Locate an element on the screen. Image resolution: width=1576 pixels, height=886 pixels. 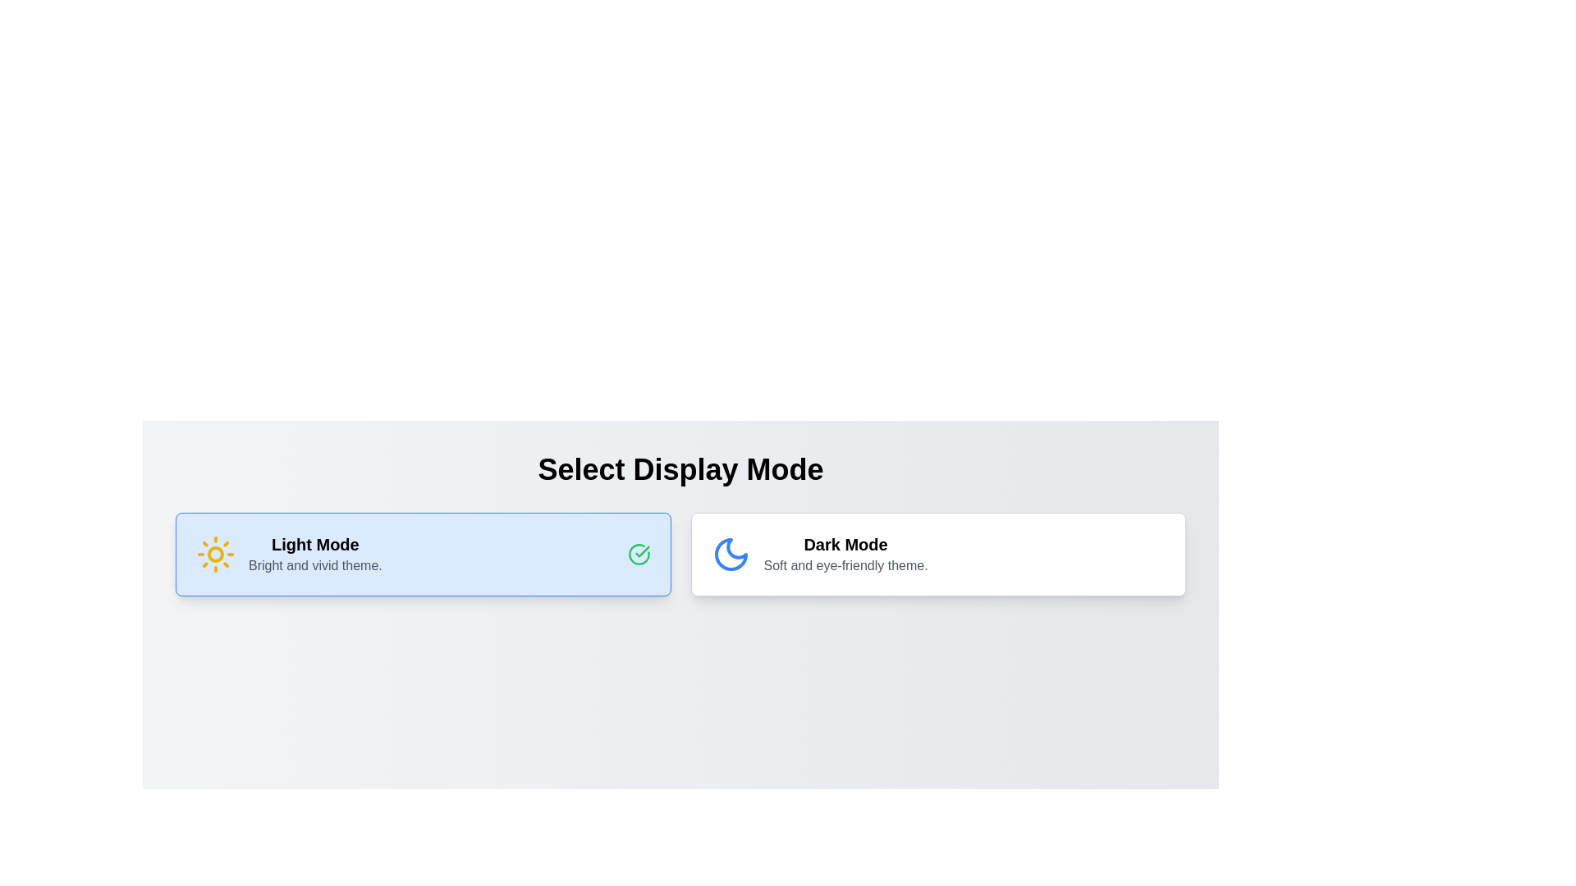
the Light Mode text label, which serves as a heading indicating the Light Mode option in the display mode selection interface is located at coordinates (315, 544).